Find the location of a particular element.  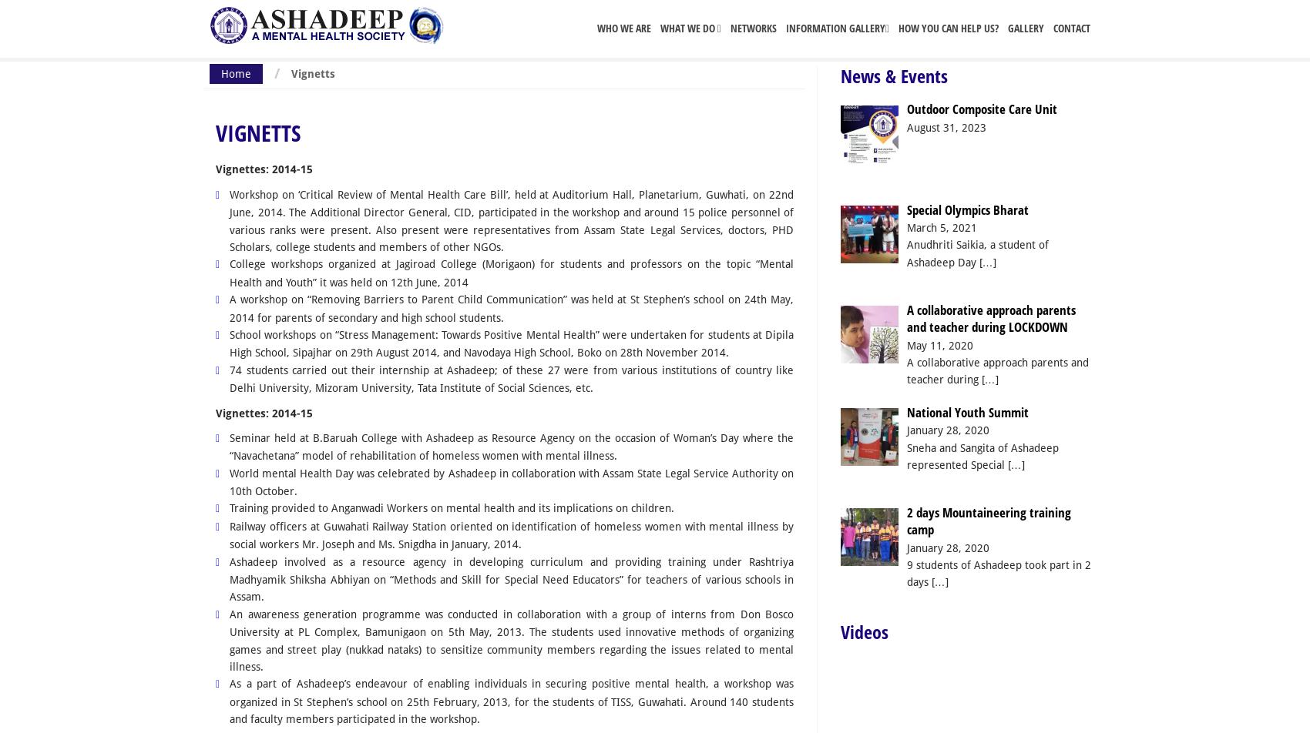

'2 days Mountaineering training camp' is located at coordinates (988, 520).